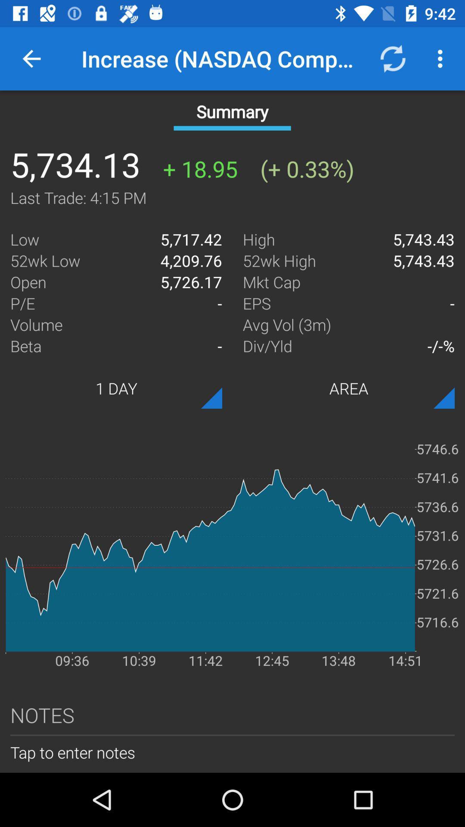  Describe the element at coordinates (349, 388) in the screenshot. I see `the icon next to the 1 day` at that location.